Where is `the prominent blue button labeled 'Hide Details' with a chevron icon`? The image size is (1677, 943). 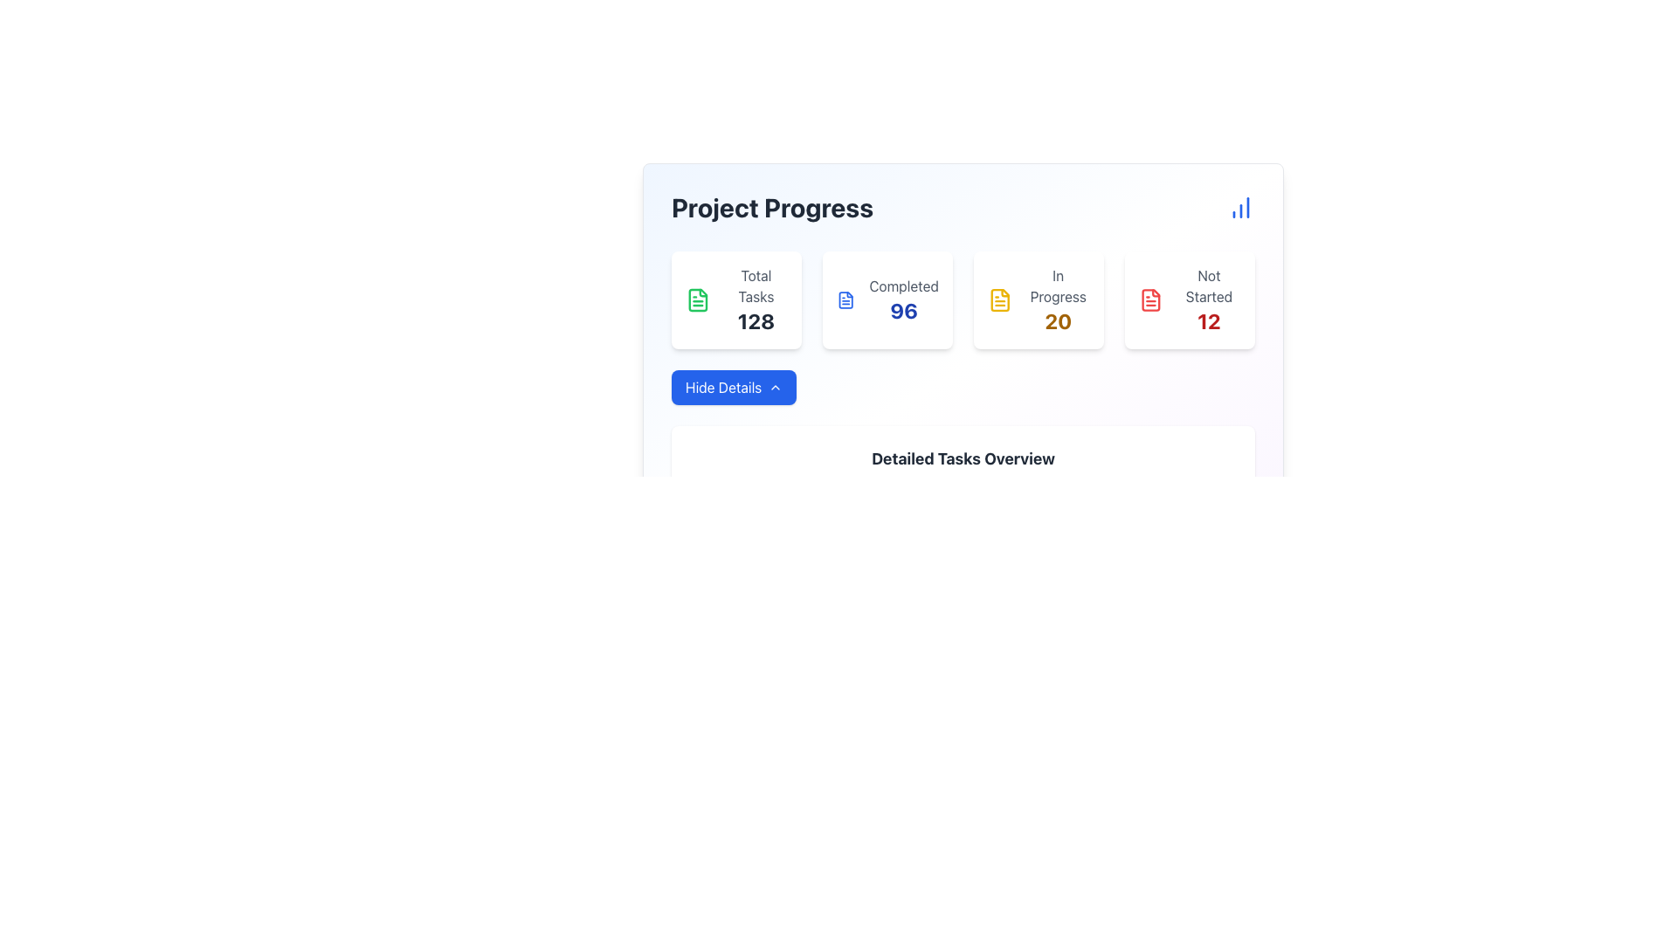 the prominent blue button labeled 'Hide Details' with a chevron icon is located at coordinates (734, 386).